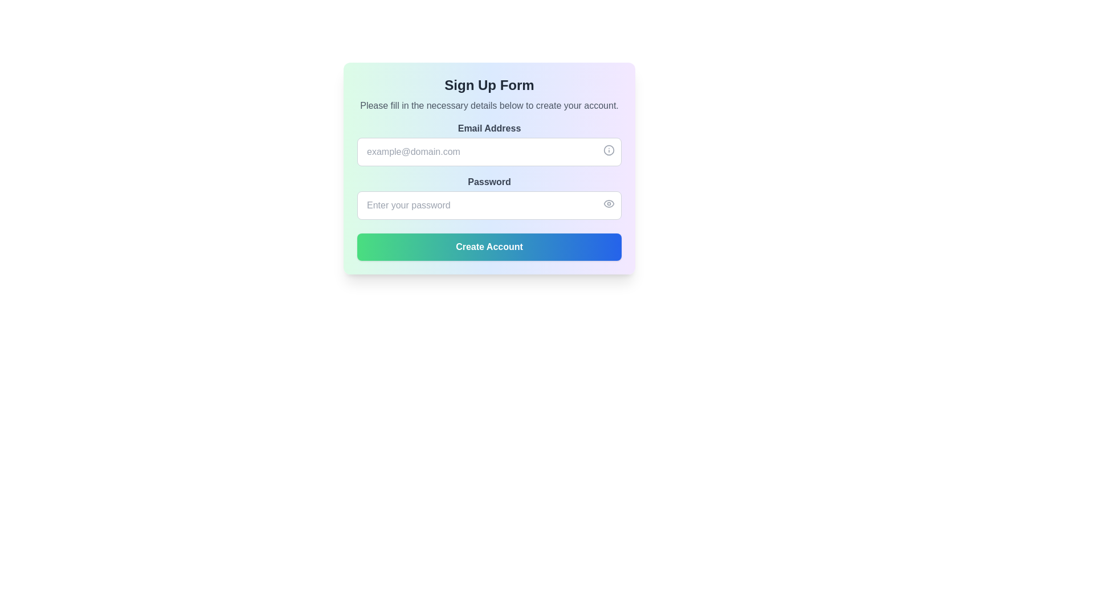 The image size is (1094, 615). What do you see at coordinates (489, 247) in the screenshot?
I see `the 'Submit' button located at the bottom of the 'Sign Up Form' section to observe hover effects` at bounding box center [489, 247].